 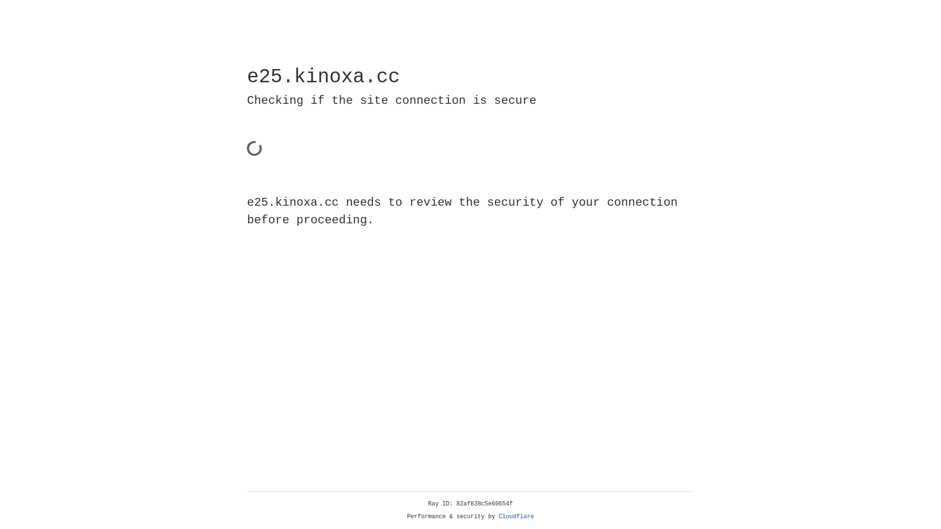 I want to click on 'Cloudflare', so click(x=516, y=516).